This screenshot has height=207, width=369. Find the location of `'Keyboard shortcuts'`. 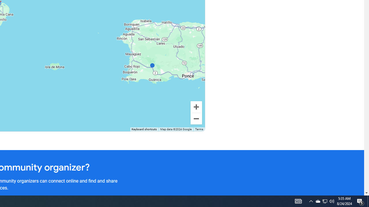

'Keyboard shortcuts' is located at coordinates (144, 129).